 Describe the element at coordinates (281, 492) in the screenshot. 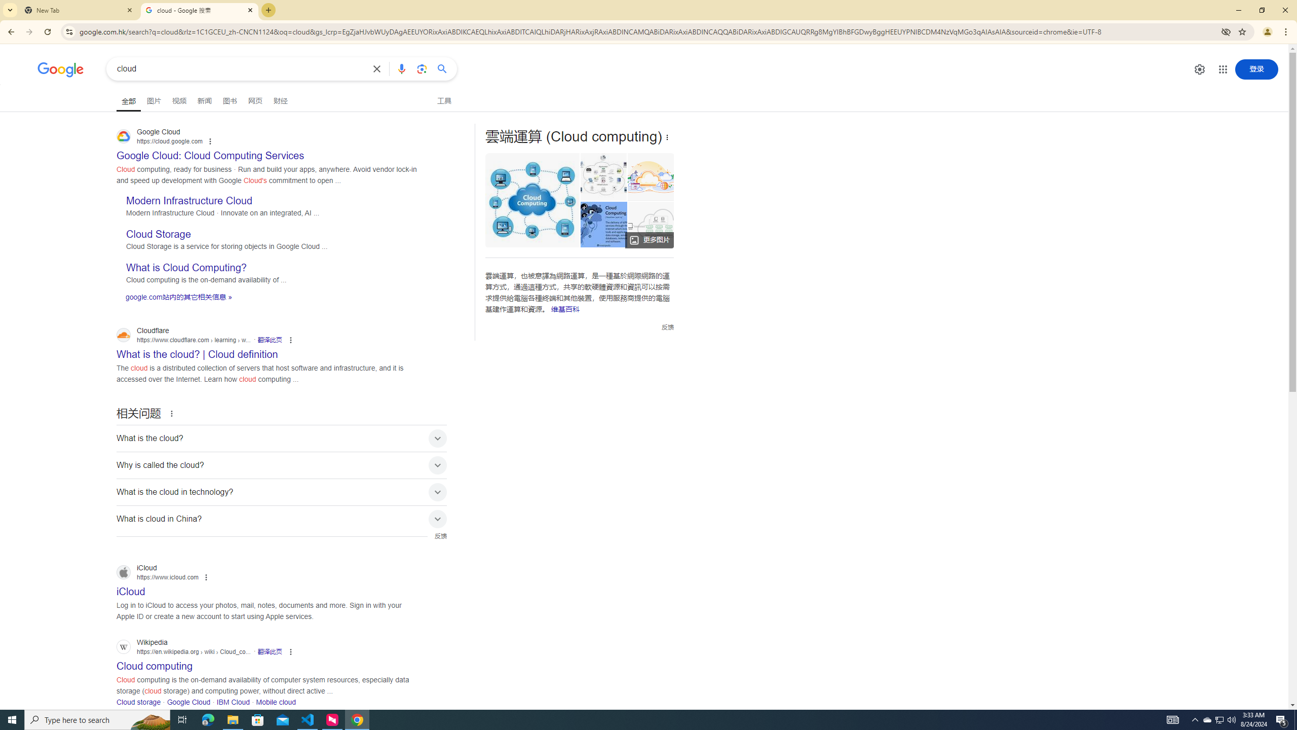

I see `'What is the cloud in technology?'` at that location.